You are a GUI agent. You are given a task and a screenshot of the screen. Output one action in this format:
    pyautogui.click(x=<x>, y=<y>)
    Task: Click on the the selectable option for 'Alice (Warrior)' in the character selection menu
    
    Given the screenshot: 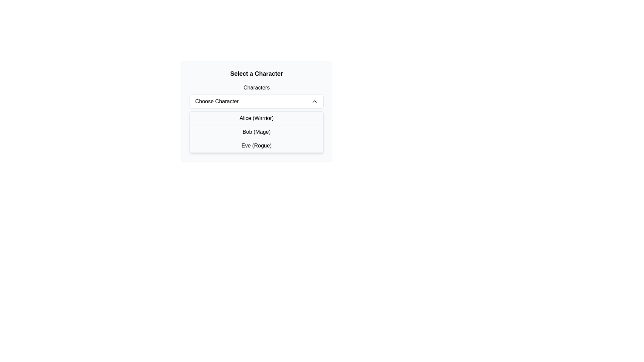 What is the action you would take?
    pyautogui.click(x=256, y=118)
    